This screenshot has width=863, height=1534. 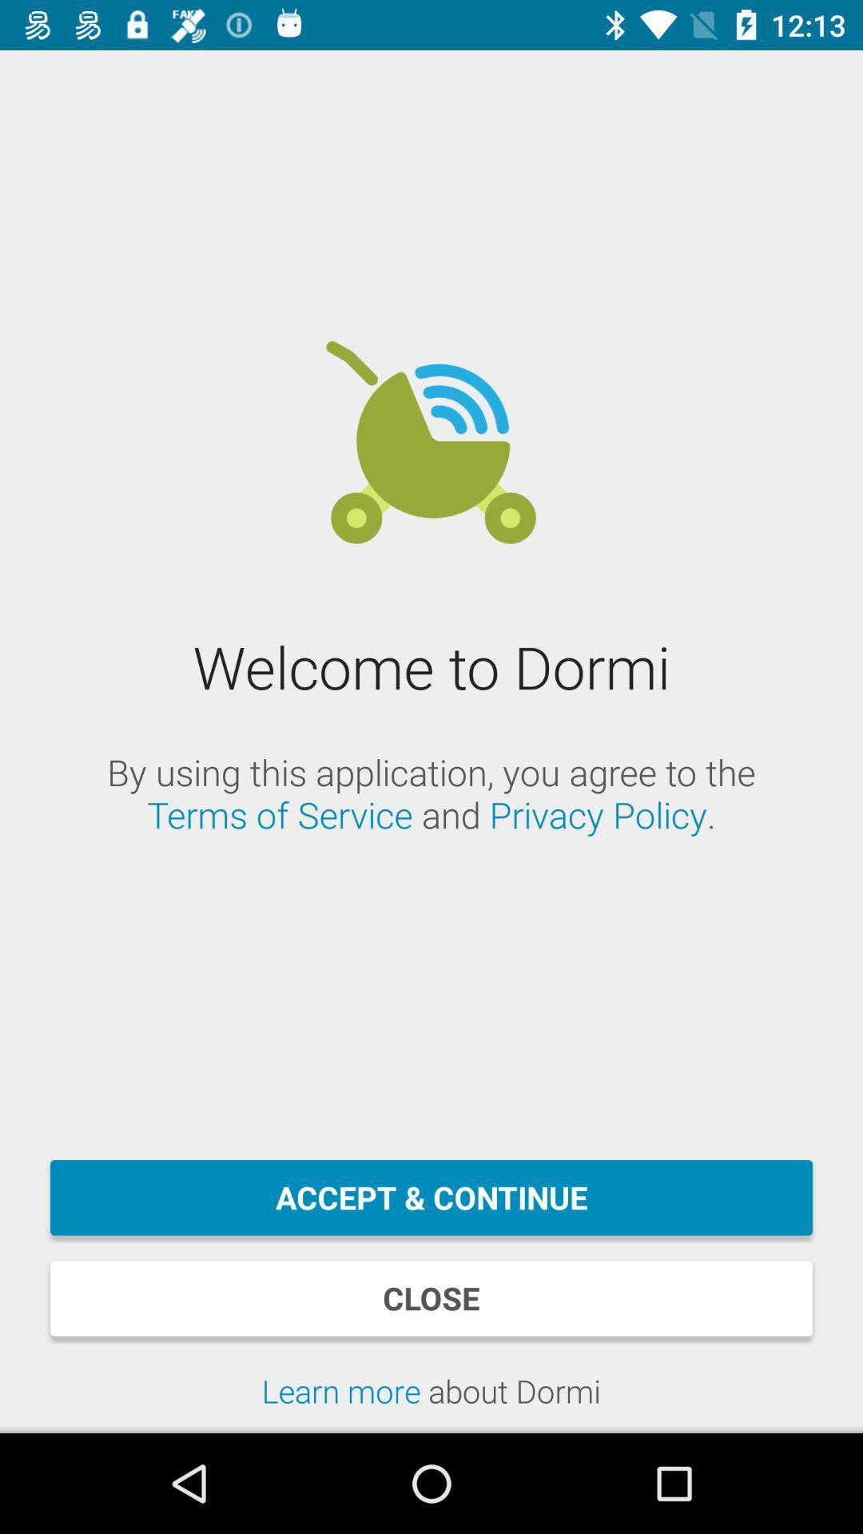 I want to click on the item below by using this icon, so click(x=431, y=1198).